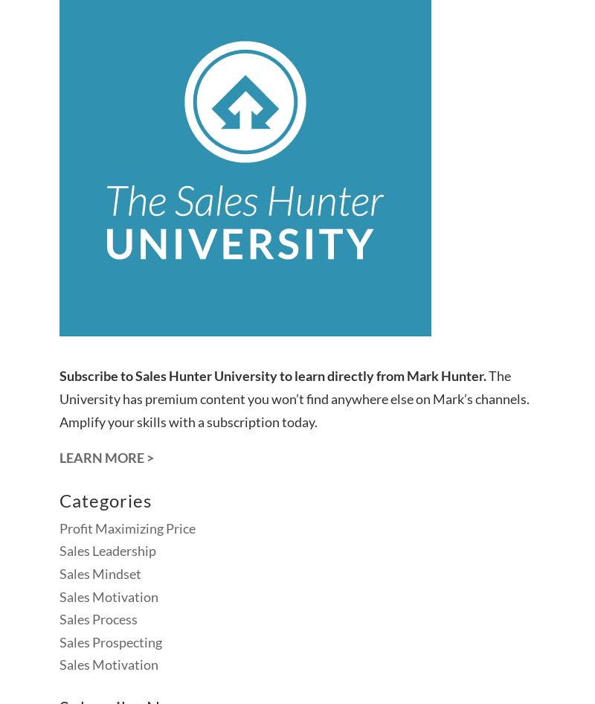 Image resolution: width=595 pixels, height=704 pixels. I want to click on 'Subscribe to Sales Hunter University to learn directly from Mark Hunter.', so click(273, 375).